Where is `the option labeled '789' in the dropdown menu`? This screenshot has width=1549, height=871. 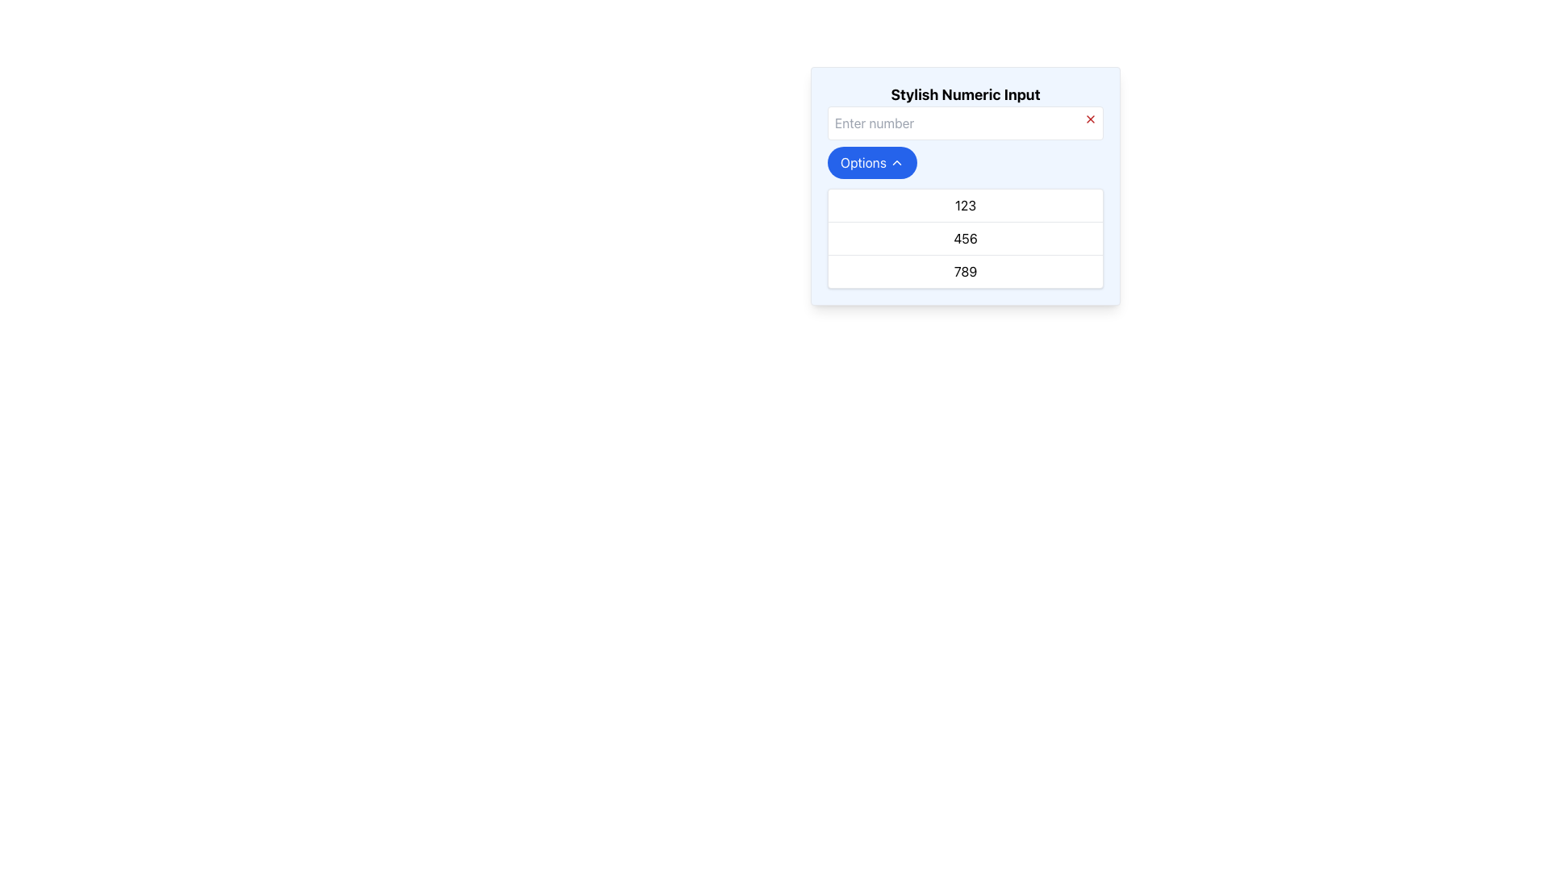 the option labeled '789' in the dropdown menu is located at coordinates (965, 270).